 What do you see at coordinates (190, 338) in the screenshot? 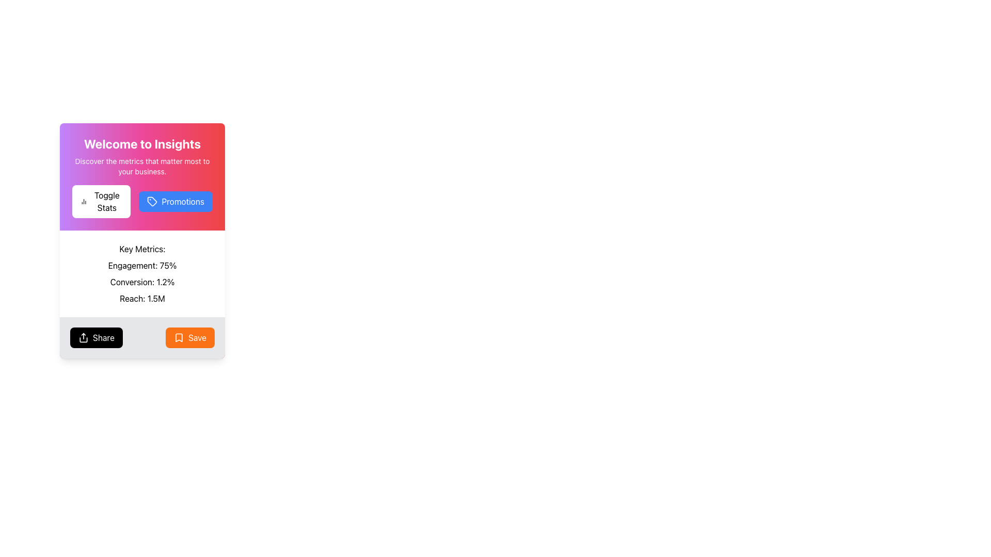
I see `the save button located towards the bottom-right of the light gray section, which is interactive for saving content or settings` at bounding box center [190, 338].